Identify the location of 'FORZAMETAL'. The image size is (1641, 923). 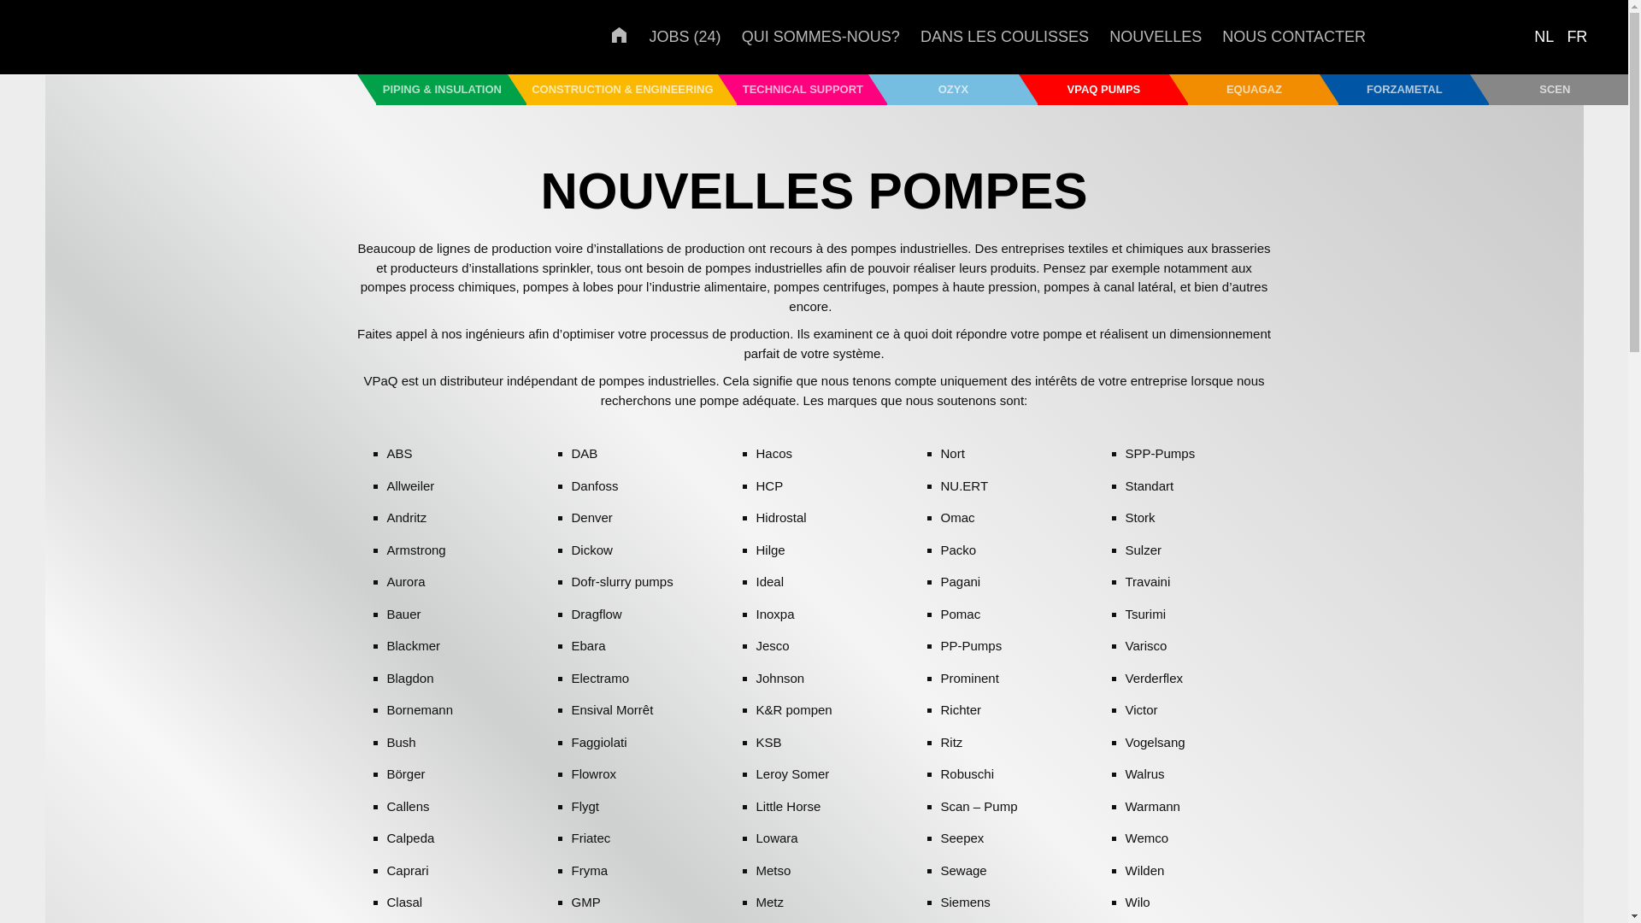
(1415, 89).